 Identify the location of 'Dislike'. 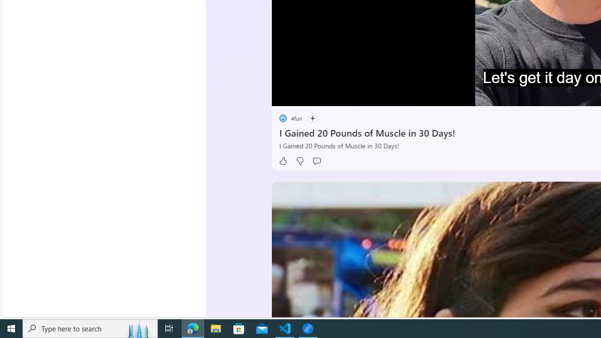
(299, 161).